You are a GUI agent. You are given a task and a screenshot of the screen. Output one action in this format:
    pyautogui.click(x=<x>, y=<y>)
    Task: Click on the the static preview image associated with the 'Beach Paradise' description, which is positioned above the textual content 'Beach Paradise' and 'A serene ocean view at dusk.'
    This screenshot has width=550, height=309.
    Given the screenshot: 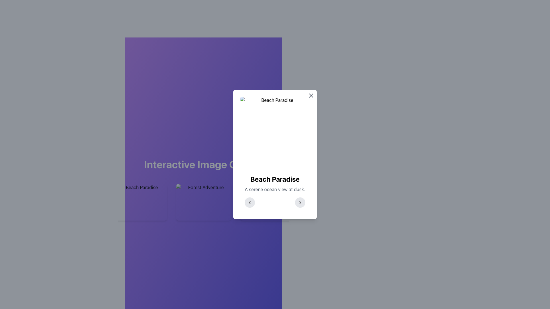 What is the action you would take?
    pyautogui.click(x=275, y=133)
    